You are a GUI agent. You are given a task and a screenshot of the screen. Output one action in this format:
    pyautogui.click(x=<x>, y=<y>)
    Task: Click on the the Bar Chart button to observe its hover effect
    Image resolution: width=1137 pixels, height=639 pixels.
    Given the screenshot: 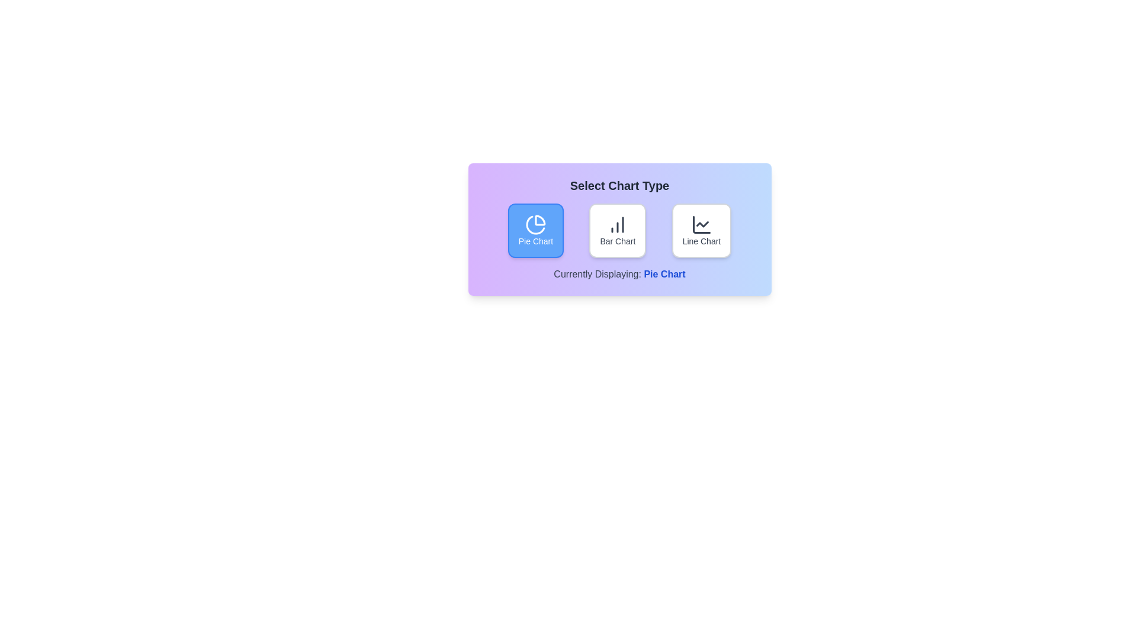 What is the action you would take?
    pyautogui.click(x=617, y=230)
    